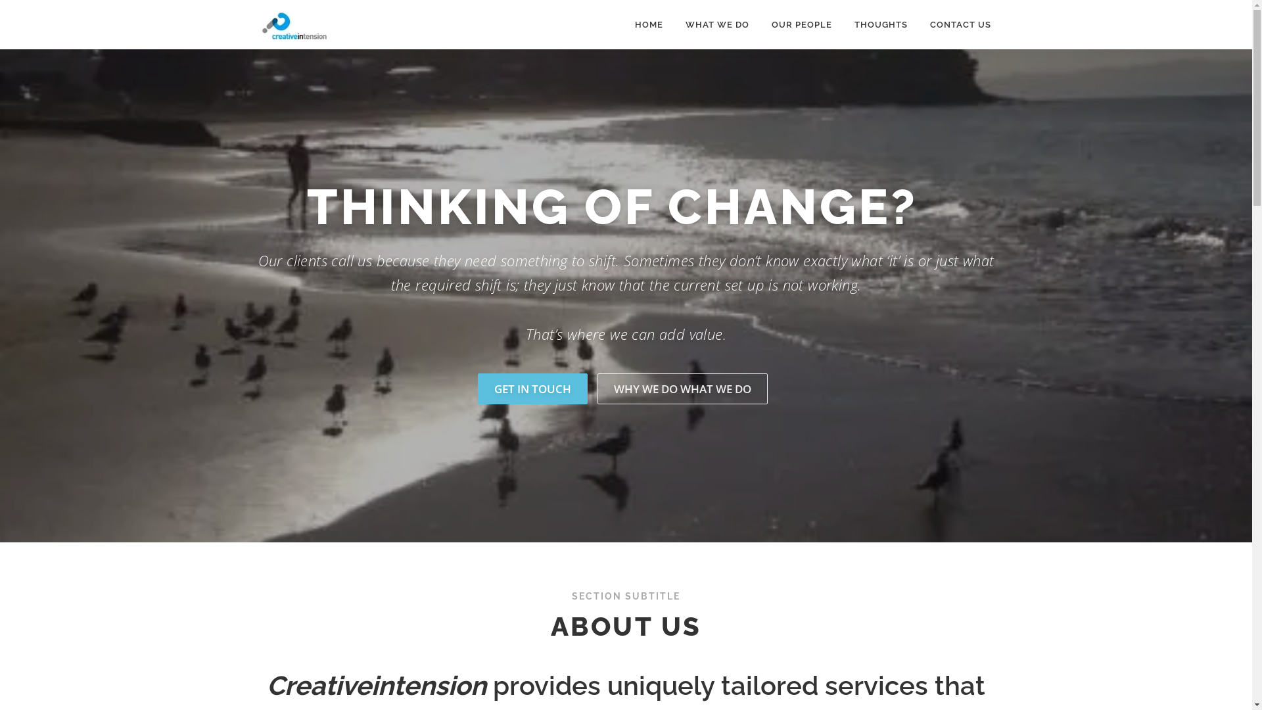 This screenshot has width=1262, height=710. Describe the element at coordinates (716, 24) in the screenshot. I see `'WHAT WE DO'` at that location.